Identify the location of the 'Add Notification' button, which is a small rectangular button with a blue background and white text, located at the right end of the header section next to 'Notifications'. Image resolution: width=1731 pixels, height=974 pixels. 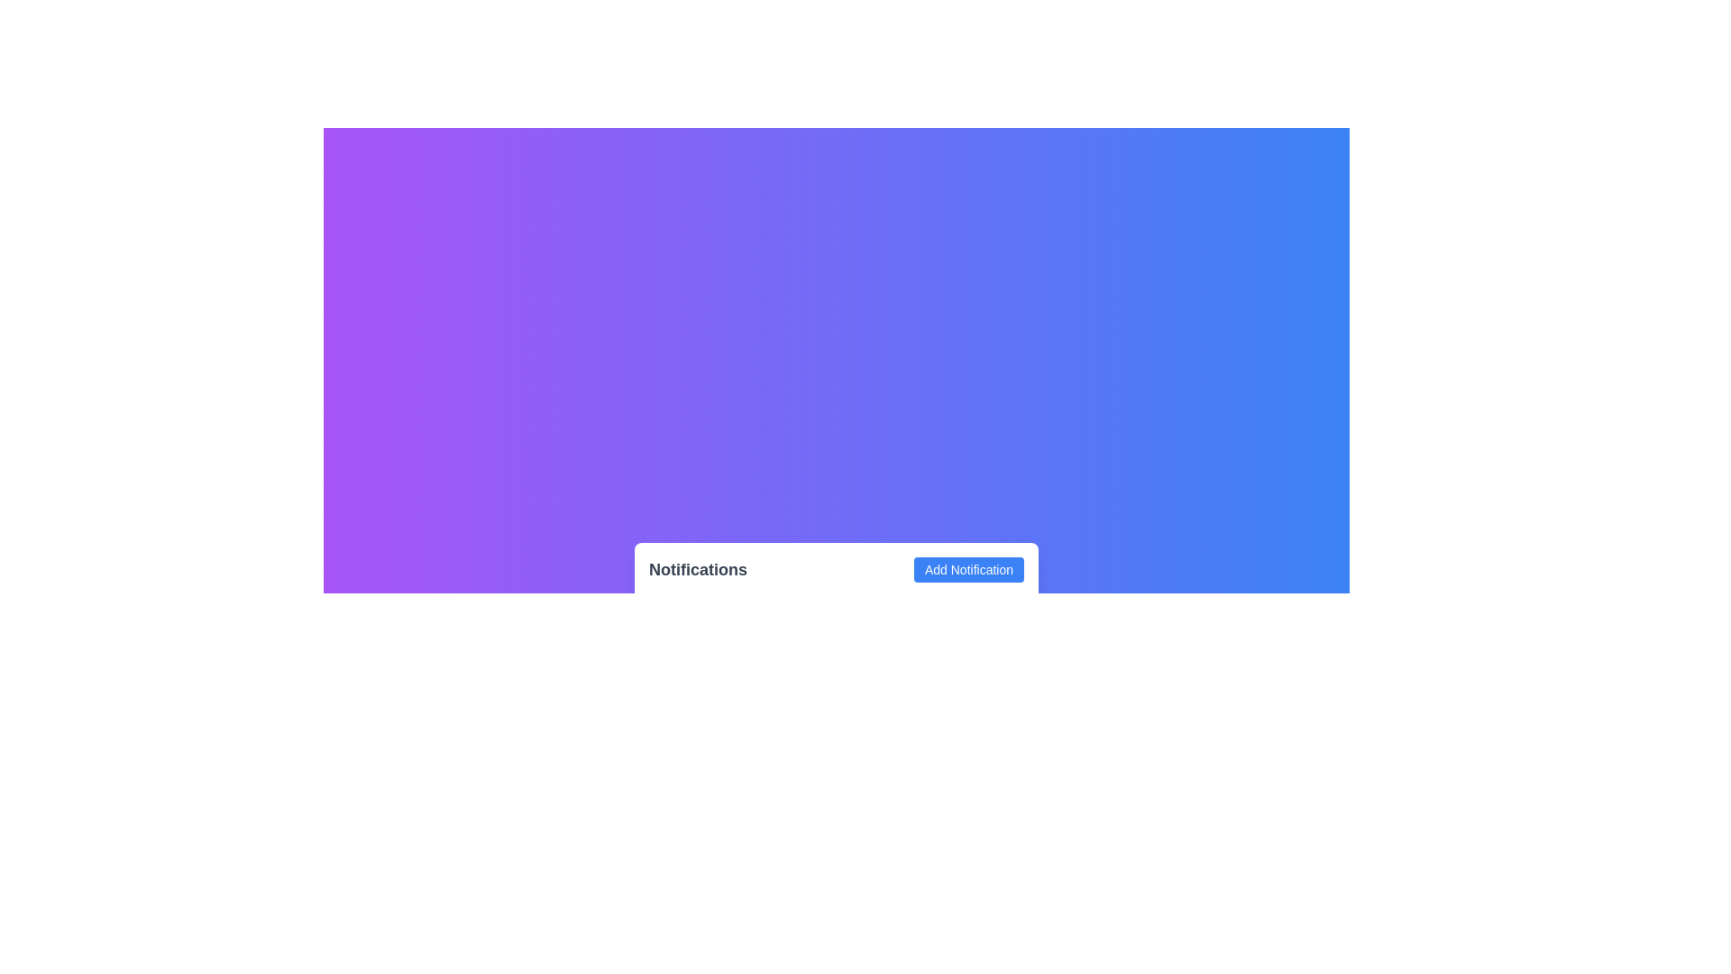
(968, 569).